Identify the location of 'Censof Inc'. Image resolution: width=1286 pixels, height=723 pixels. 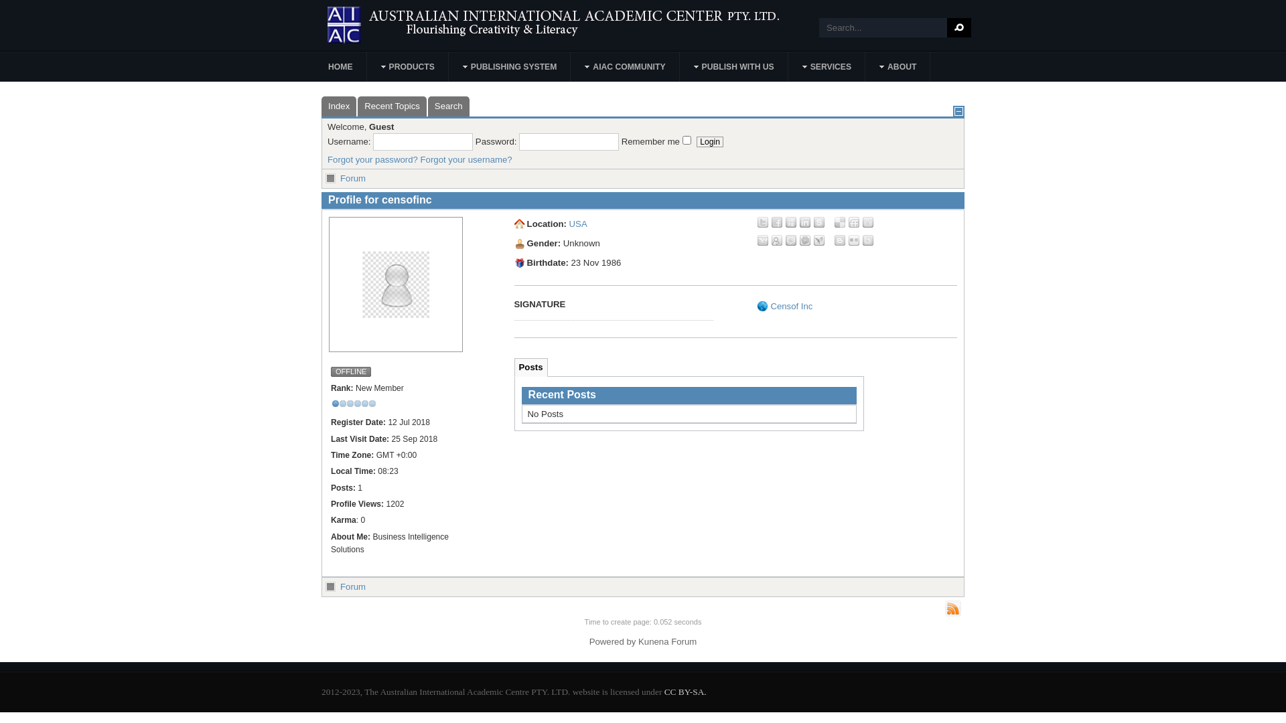
(791, 306).